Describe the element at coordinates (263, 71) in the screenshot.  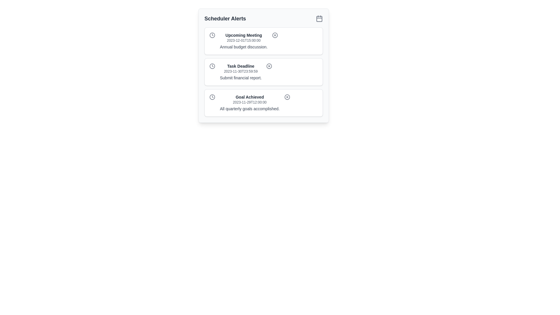
I see `the second informational card in the 'Scheduler Alerts' panel that displays a task deadline, positioned between 'Upcoming Meeting' and 'Goal Achieved'` at that location.